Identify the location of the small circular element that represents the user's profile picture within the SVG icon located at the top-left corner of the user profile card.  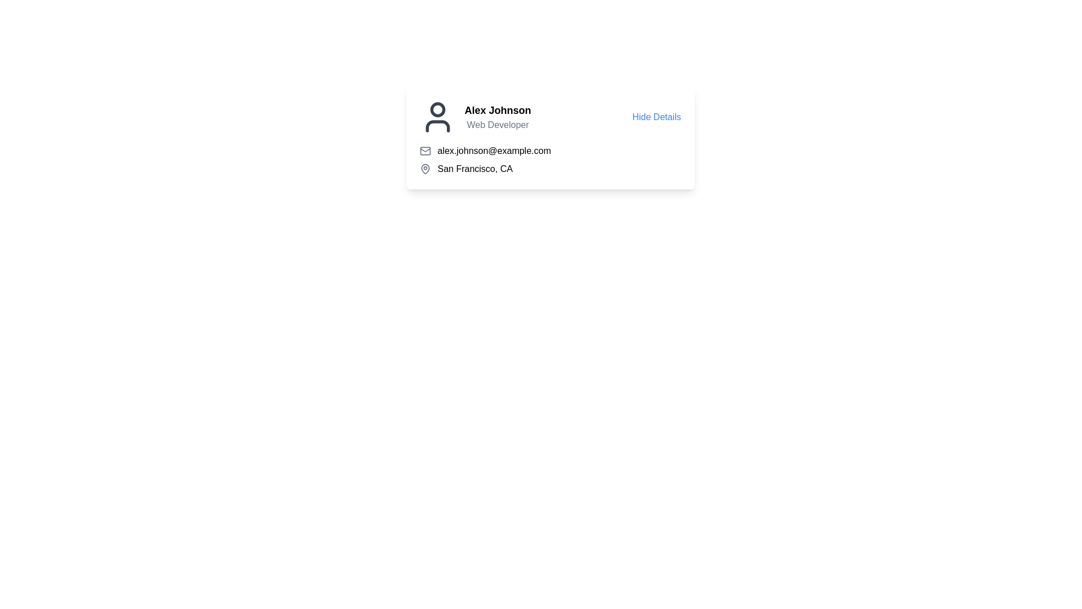
(437, 109).